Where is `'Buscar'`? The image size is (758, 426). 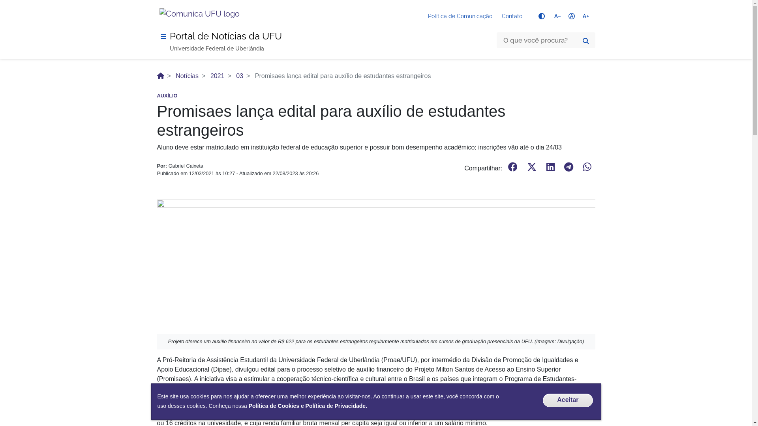
'Buscar' is located at coordinates (580, 41).